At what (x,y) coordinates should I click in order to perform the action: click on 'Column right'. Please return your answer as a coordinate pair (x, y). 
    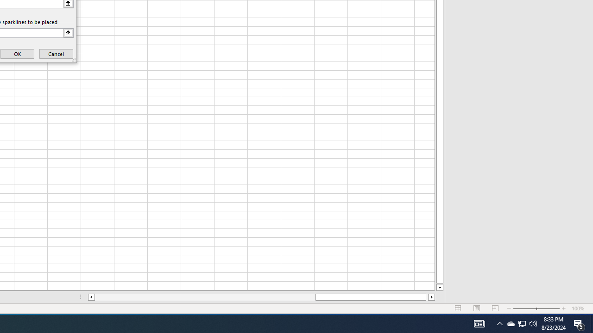
    Looking at the image, I should click on (431, 297).